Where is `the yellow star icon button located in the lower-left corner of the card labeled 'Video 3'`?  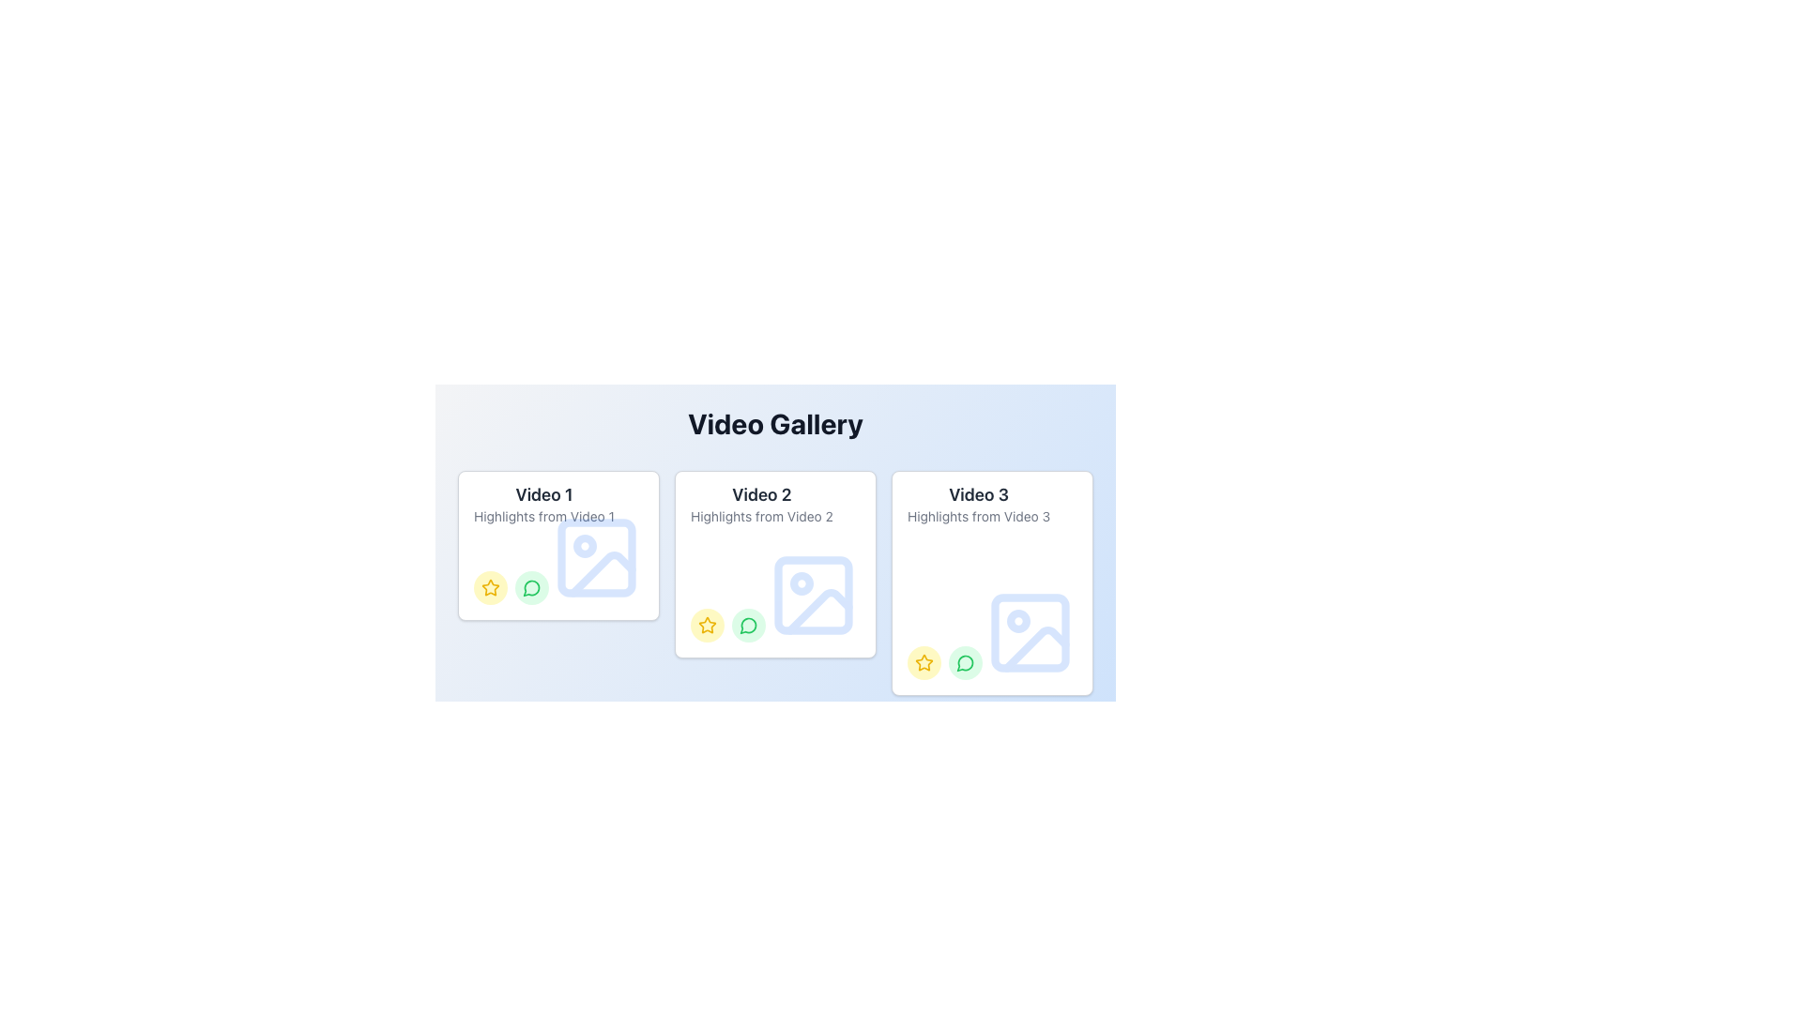
the yellow star icon button located in the lower-left corner of the card labeled 'Video 3' is located at coordinates (706, 626).